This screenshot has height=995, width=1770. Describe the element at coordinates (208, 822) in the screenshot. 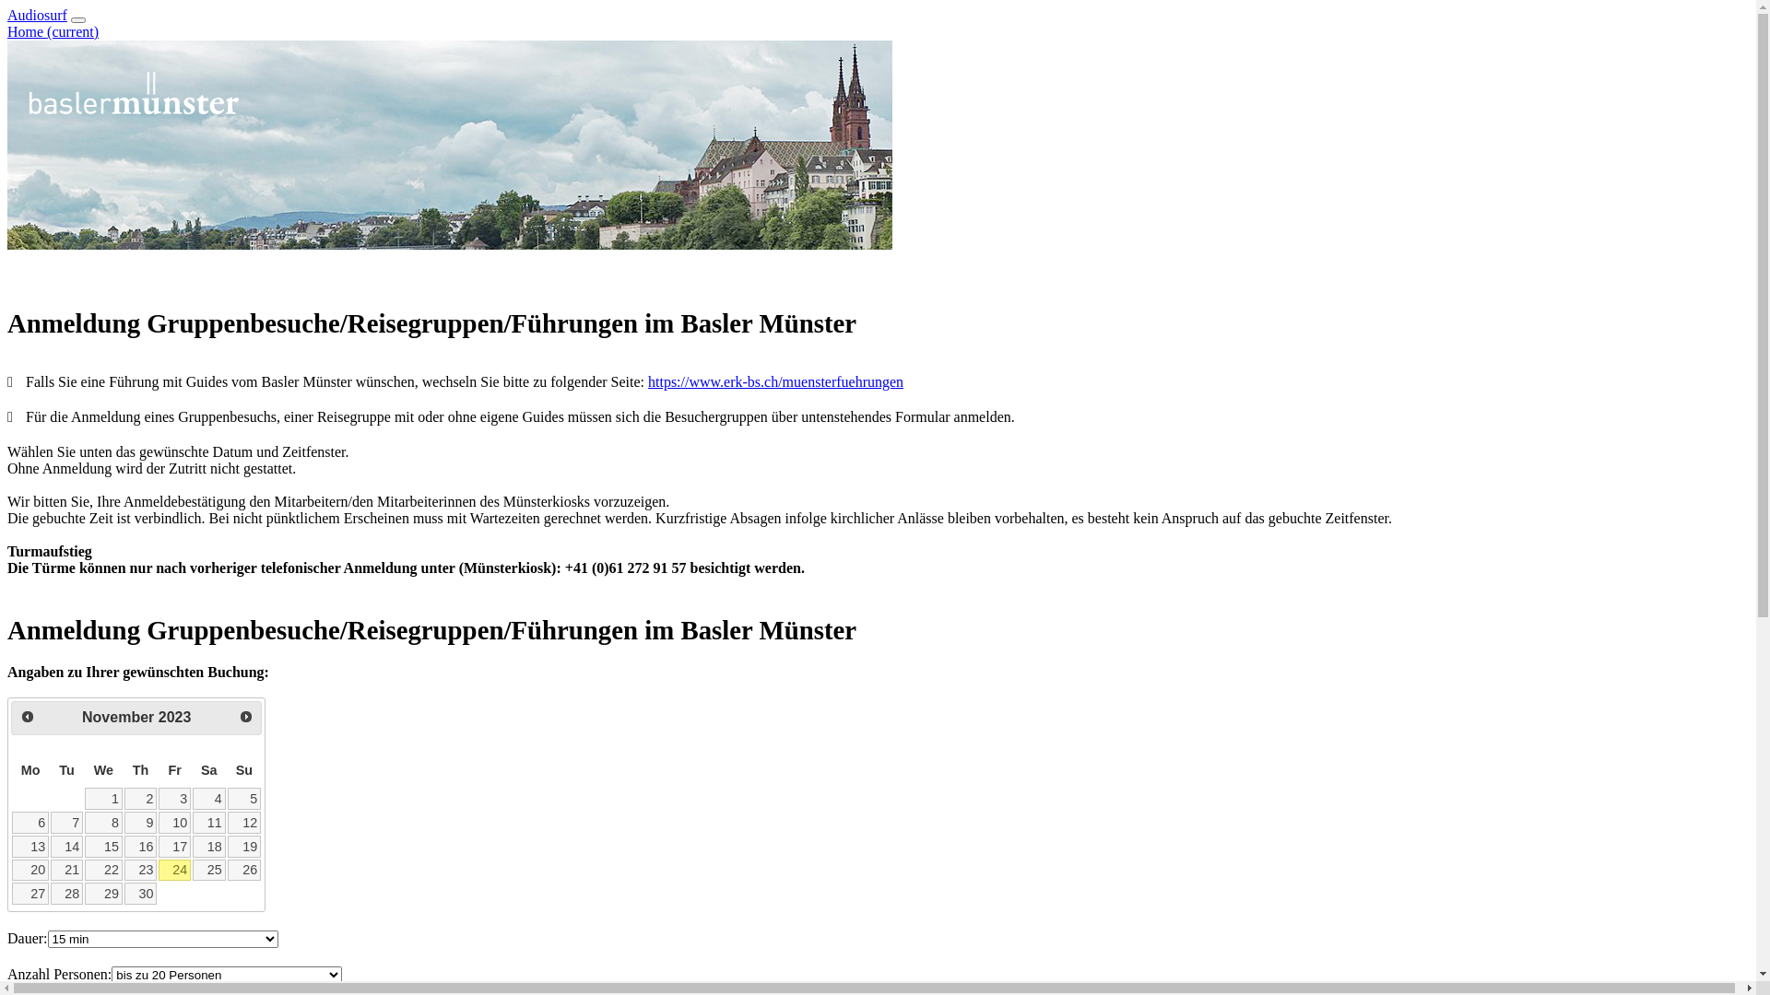

I see `'11'` at that location.